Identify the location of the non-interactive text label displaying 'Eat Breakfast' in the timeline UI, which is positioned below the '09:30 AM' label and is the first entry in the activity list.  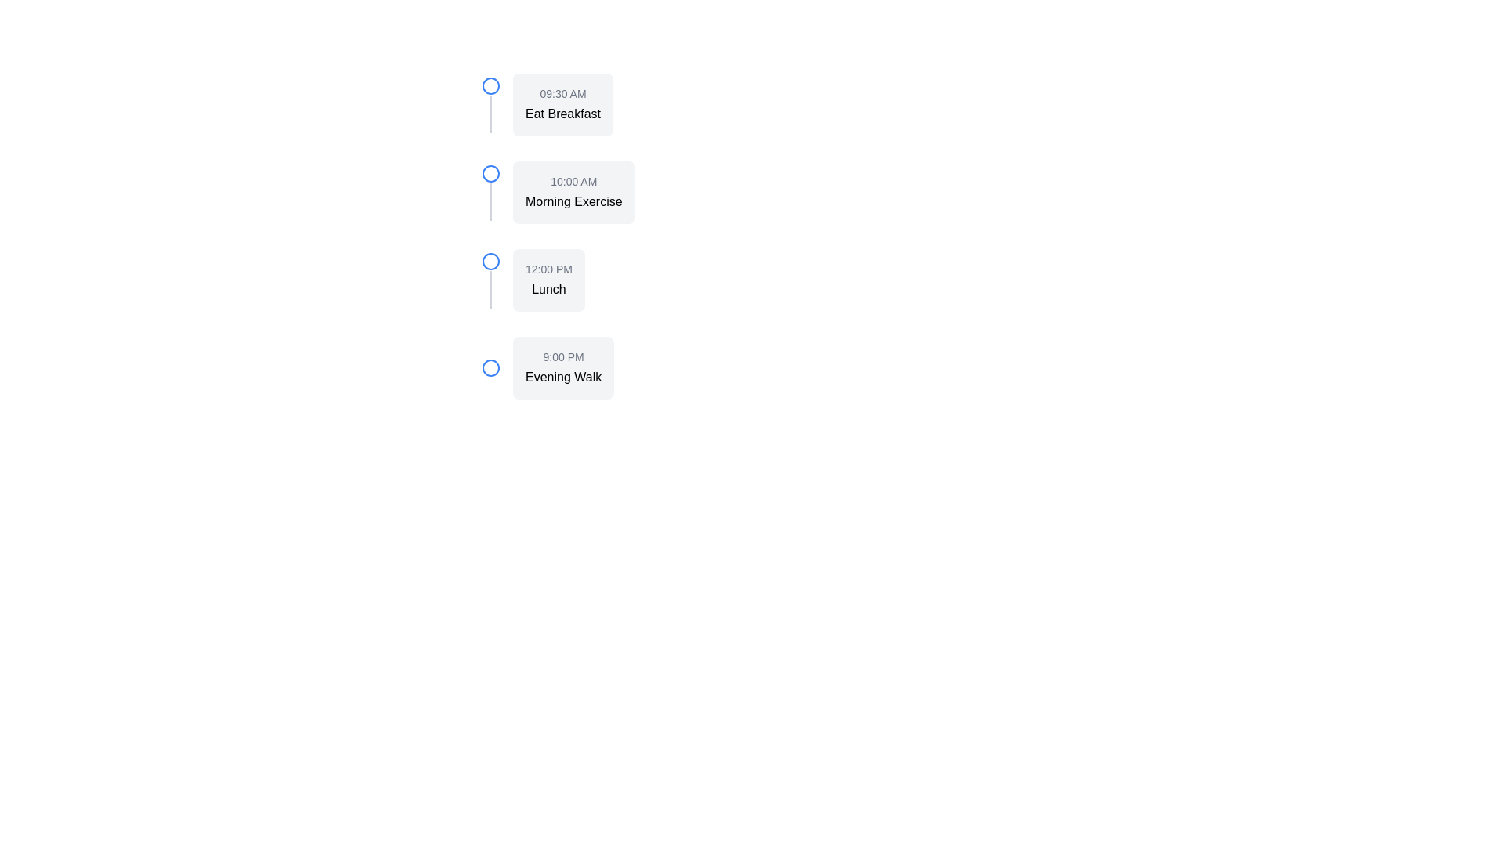
(563, 114).